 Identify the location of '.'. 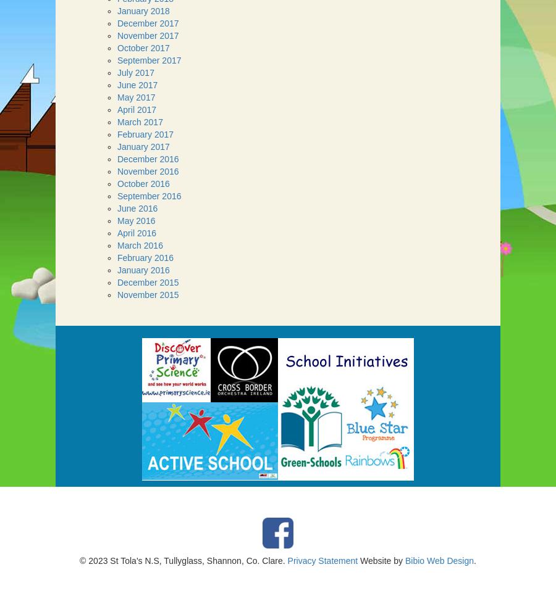
(474, 560).